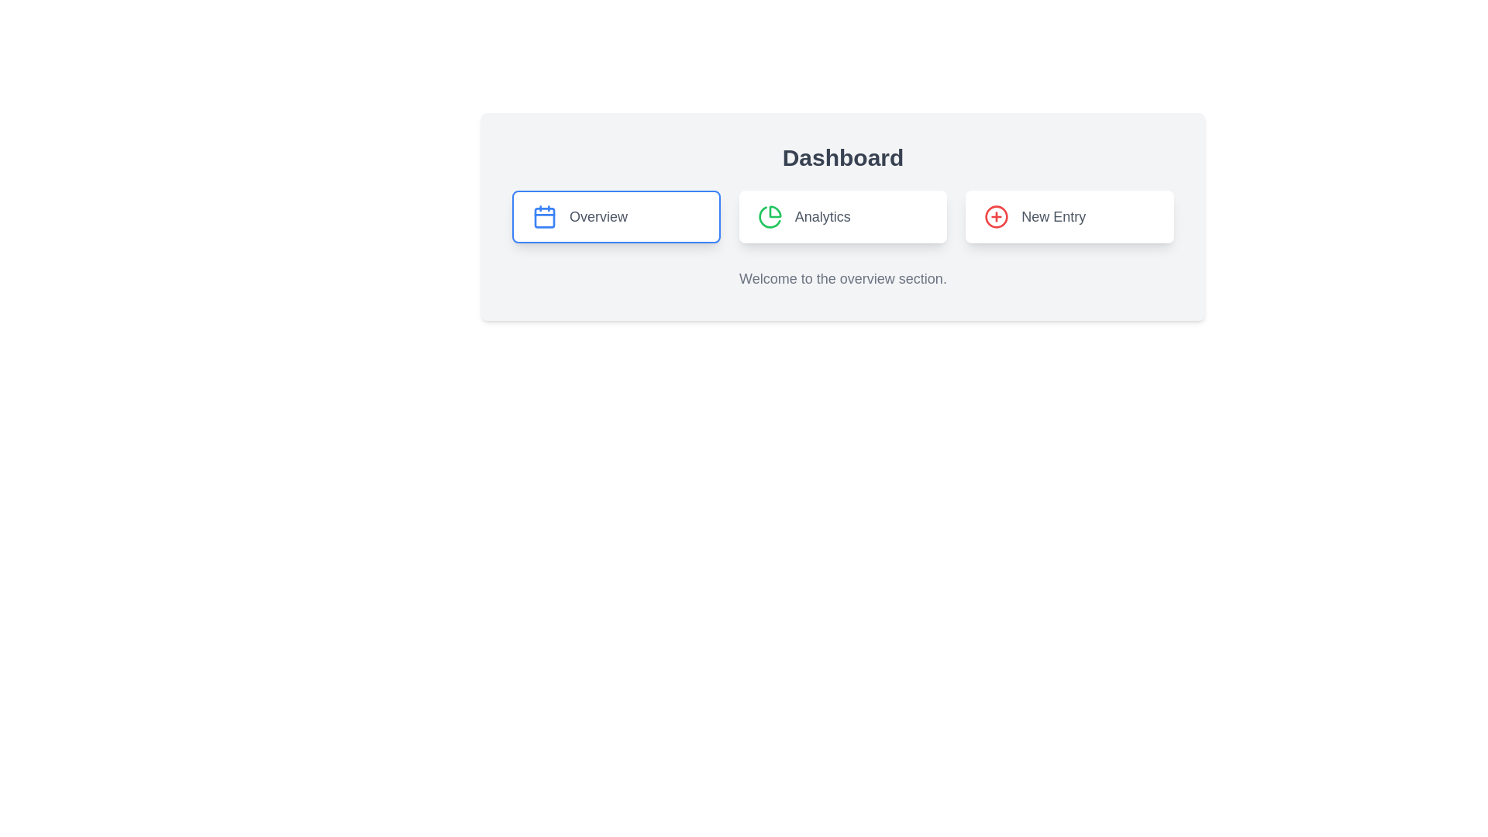 The image size is (1488, 837). Describe the element at coordinates (615, 217) in the screenshot. I see `the 'Overview' button, which is styled with a white background, rounded corners, and a blue border, located at the far left of the three horizontal buttons` at that location.